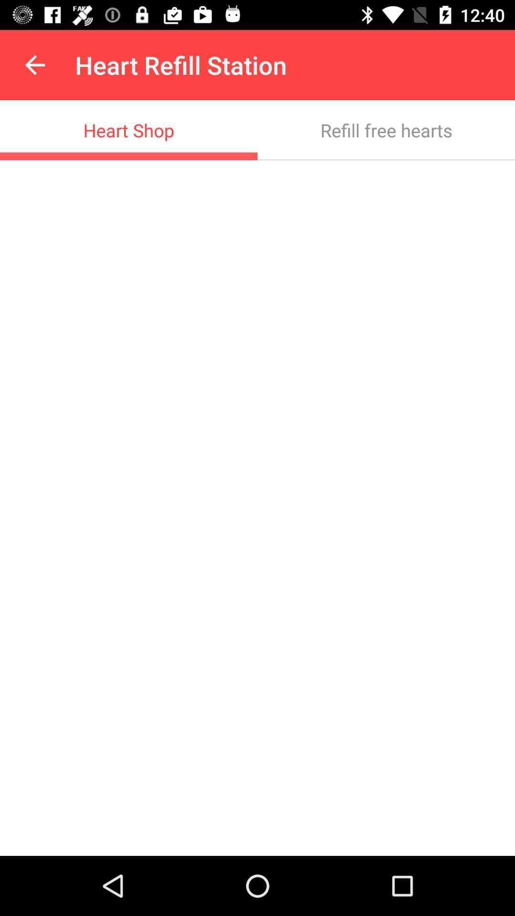 This screenshot has width=515, height=916. Describe the element at coordinates (129, 130) in the screenshot. I see `the heart shop icon` at that location.